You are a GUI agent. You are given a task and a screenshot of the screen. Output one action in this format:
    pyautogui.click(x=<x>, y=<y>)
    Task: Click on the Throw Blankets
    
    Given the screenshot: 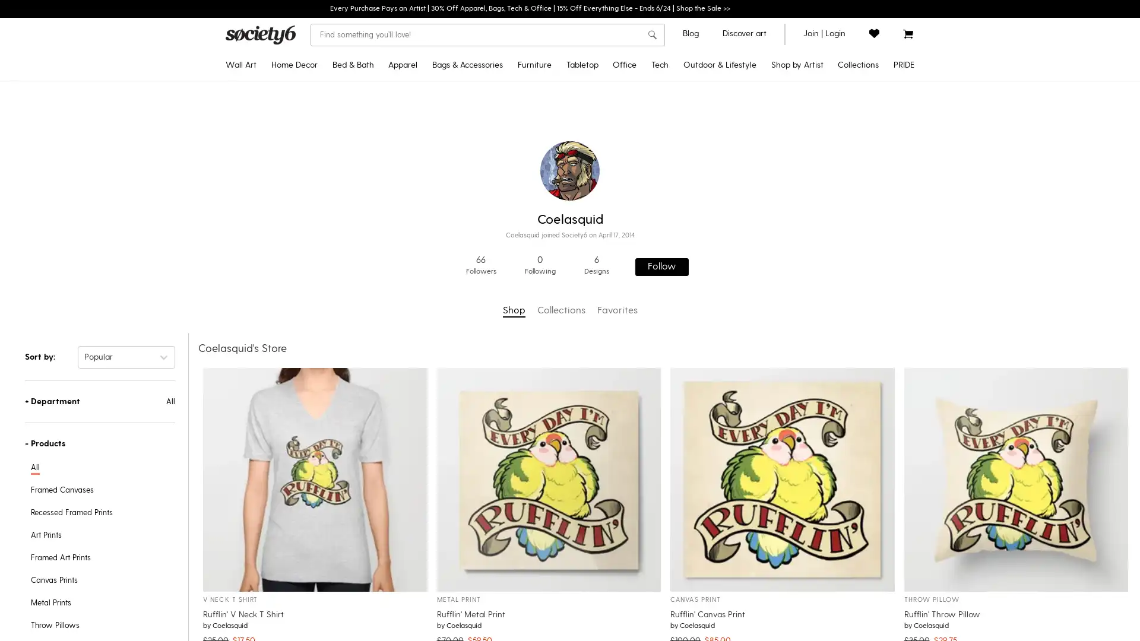 What is the action you would take?
    pyautogui.click(x=316, y=172)
    